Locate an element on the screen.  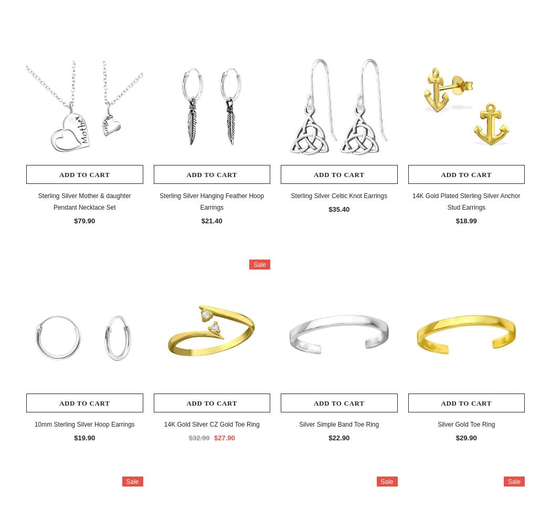
'10mm Sterling Silver Hoop Earrings' is located at coordinates (84, 423).